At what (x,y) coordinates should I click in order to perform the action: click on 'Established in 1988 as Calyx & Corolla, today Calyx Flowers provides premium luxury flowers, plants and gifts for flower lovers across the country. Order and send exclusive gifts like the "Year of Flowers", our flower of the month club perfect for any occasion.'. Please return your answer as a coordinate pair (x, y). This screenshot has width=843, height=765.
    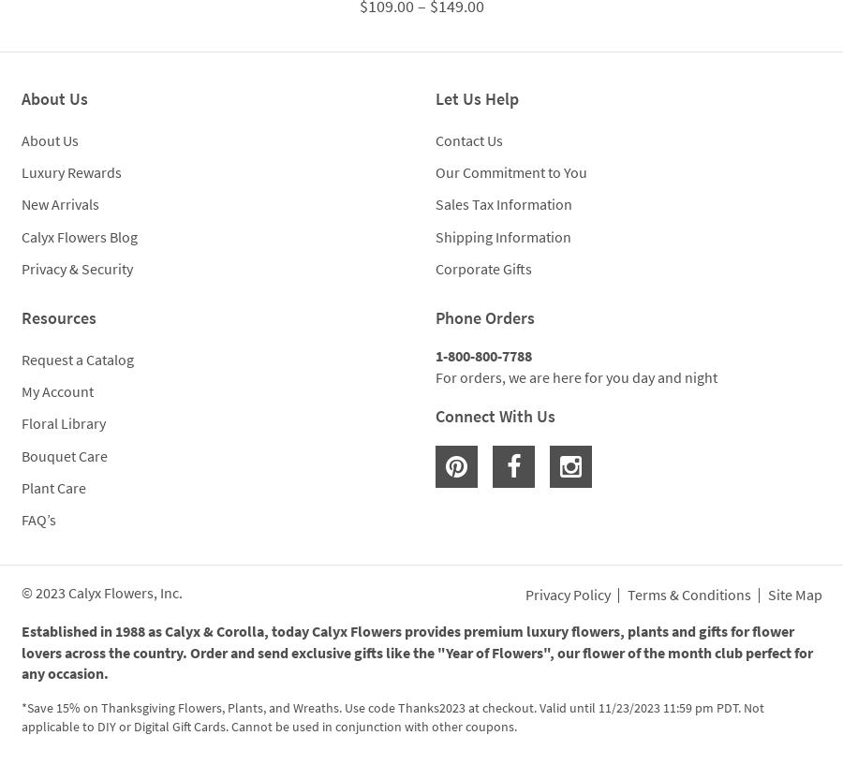
    Looking at the image, I should click on (416, 651).